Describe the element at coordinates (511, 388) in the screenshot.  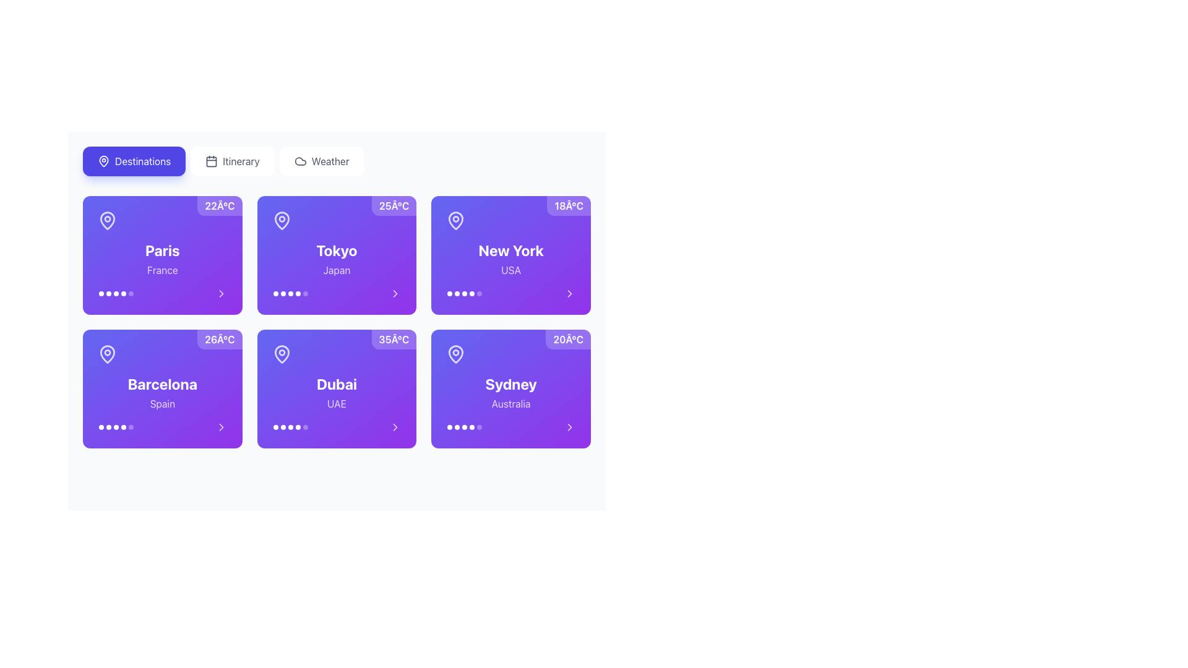
I see `the Weather summary card for Sydney` at that location.